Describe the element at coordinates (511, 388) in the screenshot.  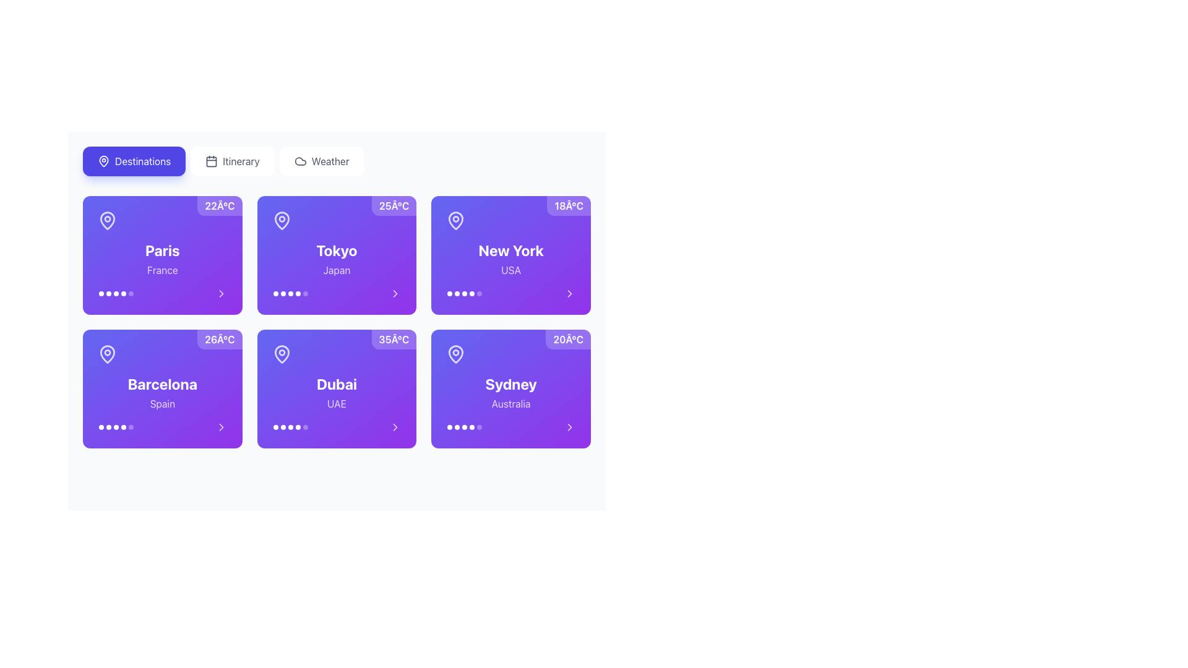
I see `the Weather summary card for Sydney` at that location.